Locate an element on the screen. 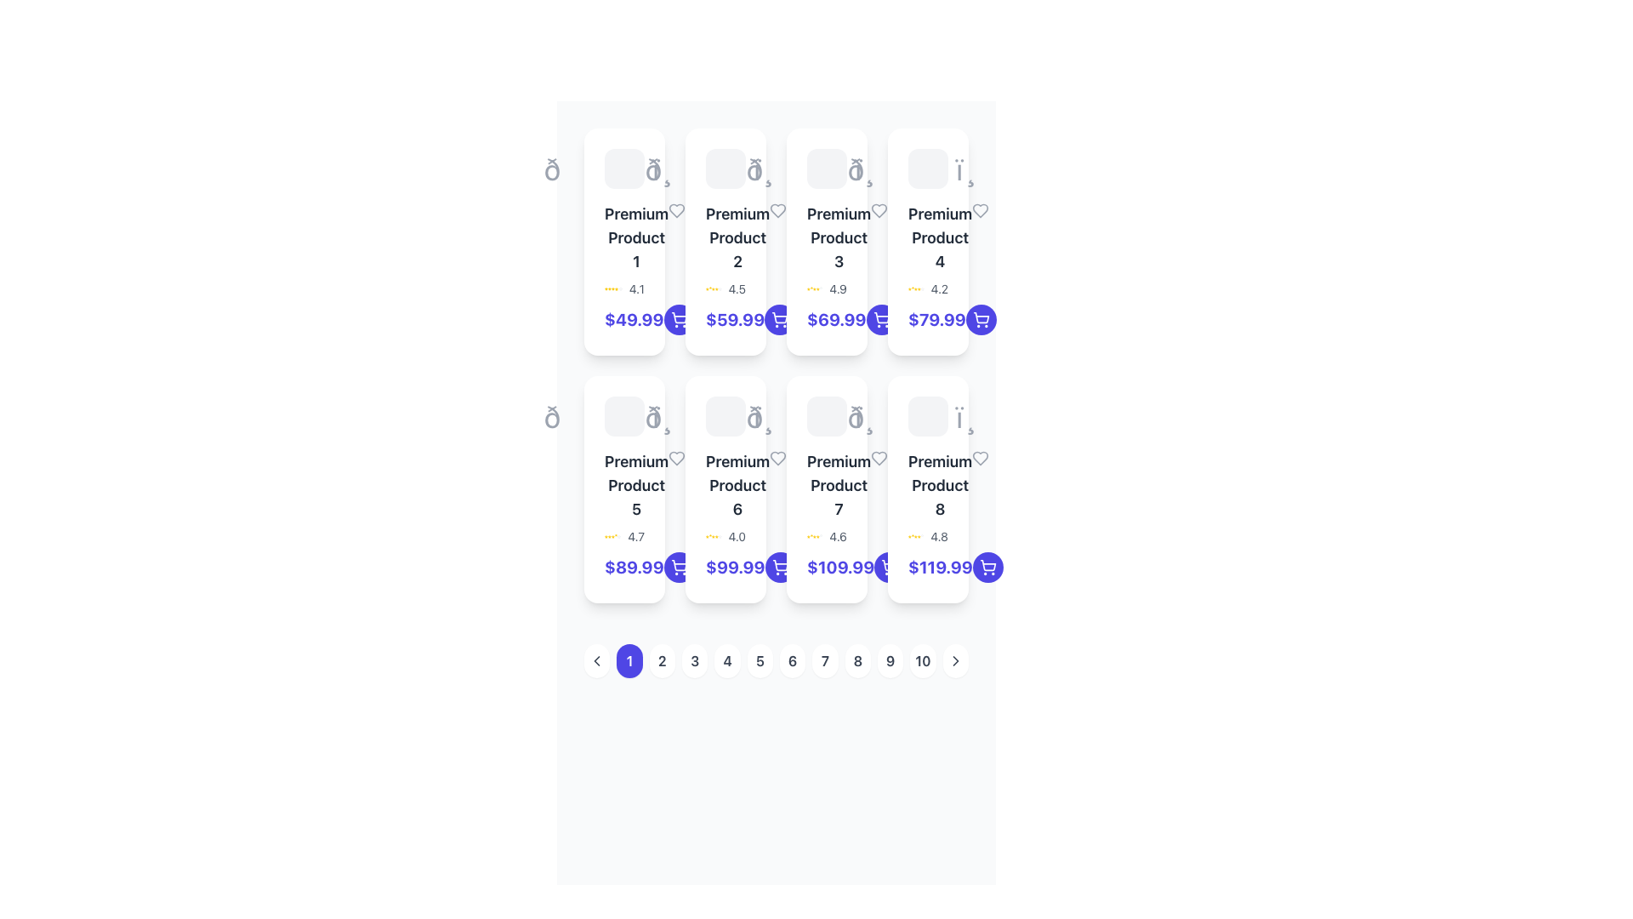 This screenshot has width=1633, height=919. the Product information card titled 'Premium Product 6' located in the second row and third column of the grid layout is located at coordinates (725, 489).